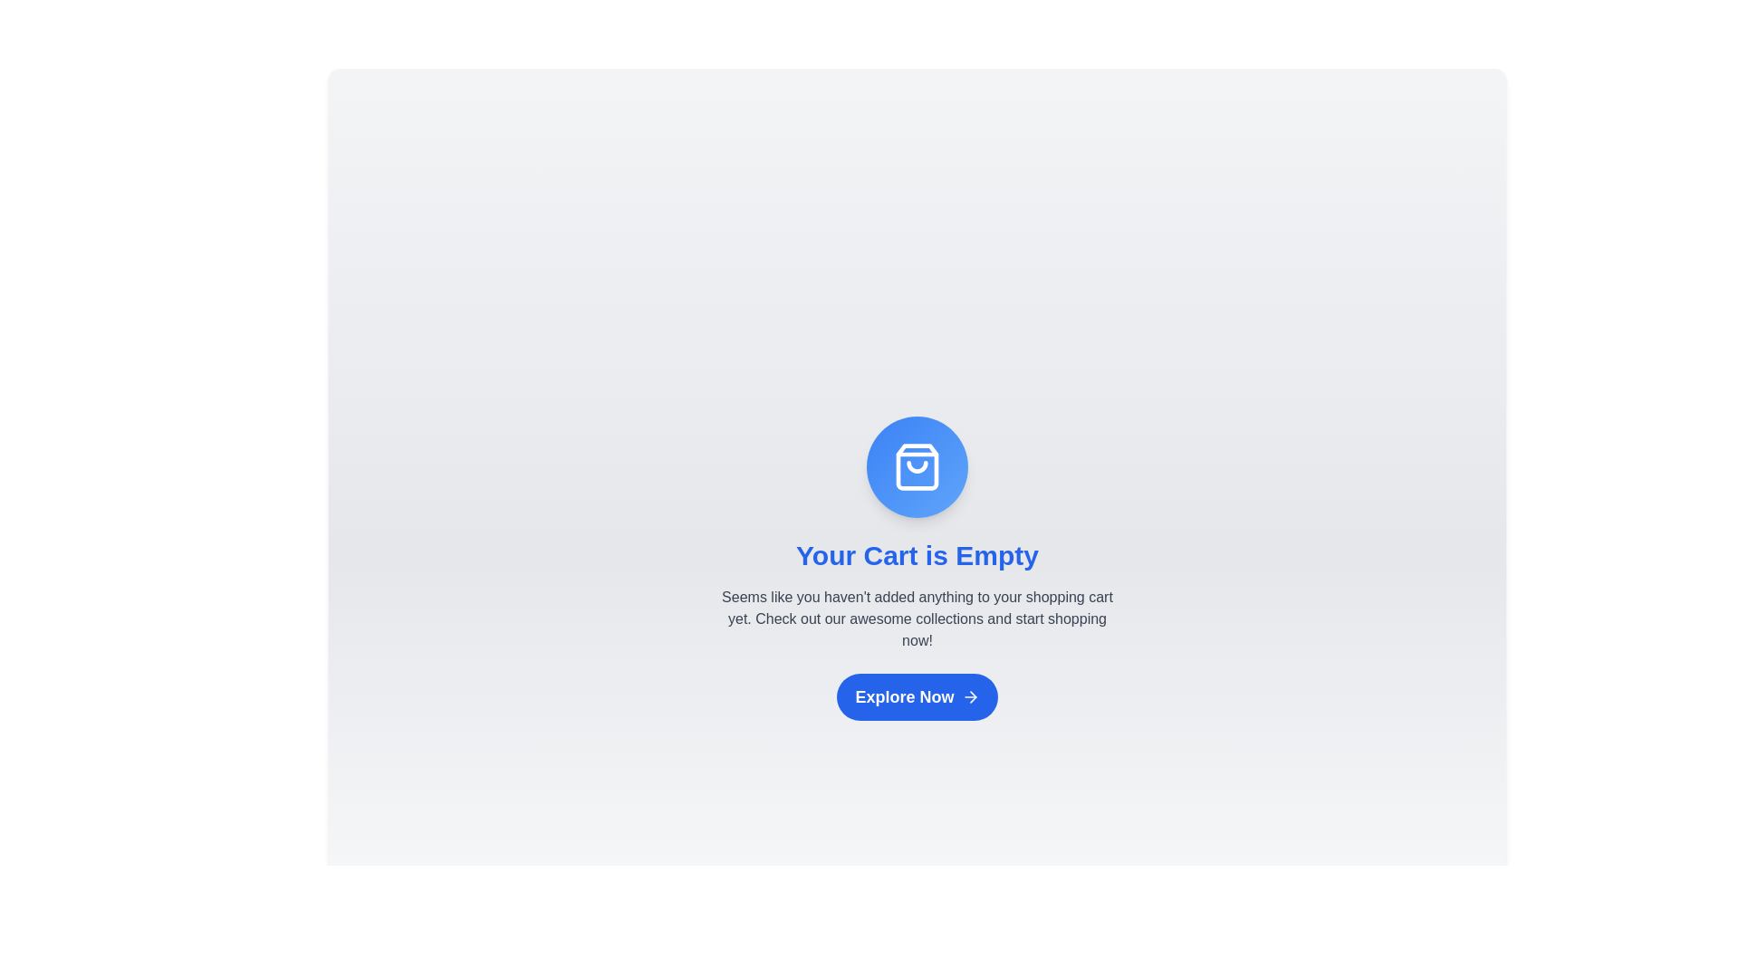 The height and width of the screenshot is (978, 1739). Describe the element at coordinates (969, 696) in the screenshot. I see `the arrow icon within the rounded button labeled 'Explore Now', which is centrally located at the bottom of the interface` at that location.